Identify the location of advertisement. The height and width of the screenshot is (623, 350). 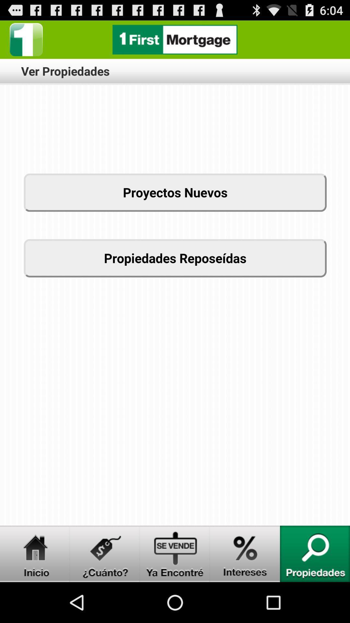
(175, 39).